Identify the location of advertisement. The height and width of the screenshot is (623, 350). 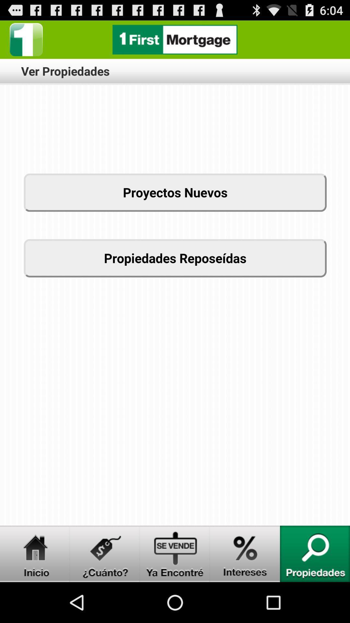
(175, 39).